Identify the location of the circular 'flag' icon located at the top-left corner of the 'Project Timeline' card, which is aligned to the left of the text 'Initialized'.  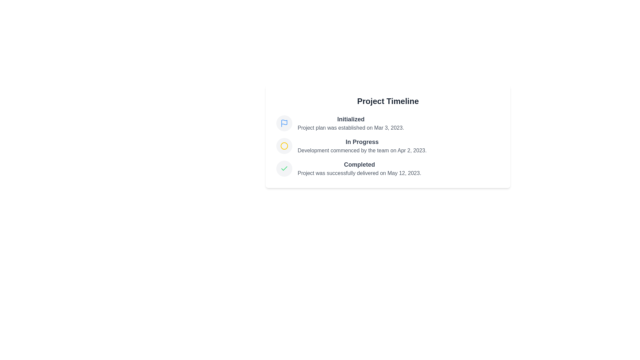
(284, 123).